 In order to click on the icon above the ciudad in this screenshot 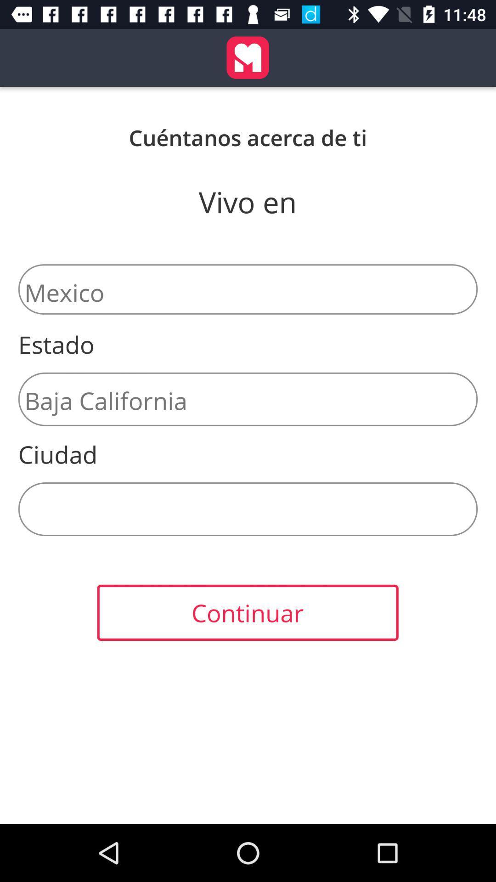, I will do `click(248, 399)`.